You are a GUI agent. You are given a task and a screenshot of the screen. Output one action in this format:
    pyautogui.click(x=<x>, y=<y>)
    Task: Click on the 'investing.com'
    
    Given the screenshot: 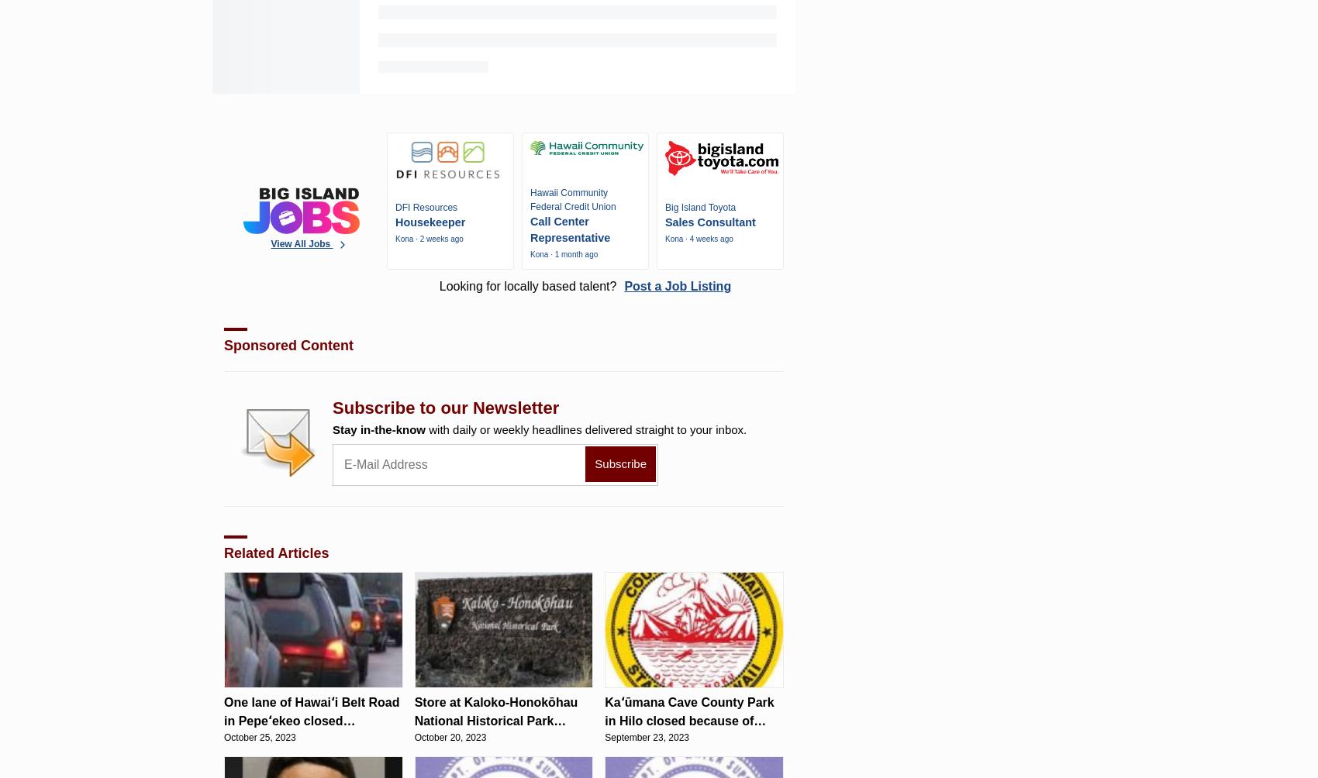 What is the action you would take?
    pyautogui.click(x=240, y=57)
    